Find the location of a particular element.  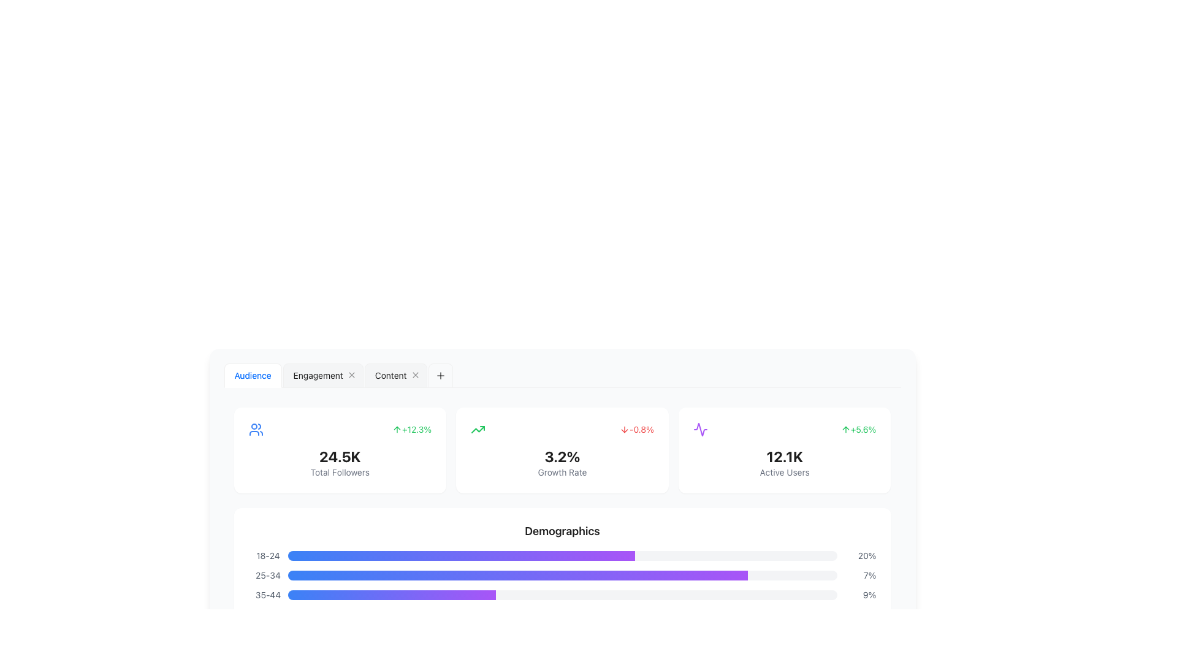

icon located at the top-right corner of the fourth card in a grid, which represents a trend or activity metric is located at coordinates (700, 429).